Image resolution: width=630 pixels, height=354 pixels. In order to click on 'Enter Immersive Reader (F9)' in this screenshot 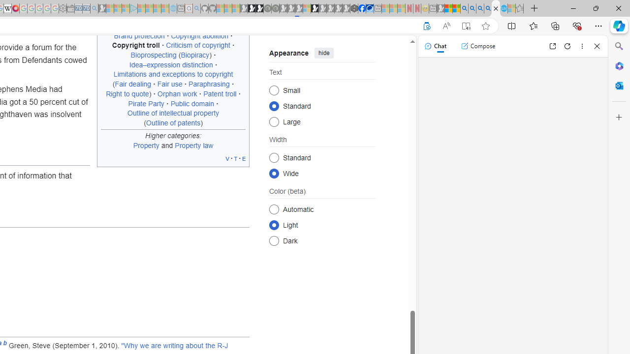, I will do `click(465, 26)`.